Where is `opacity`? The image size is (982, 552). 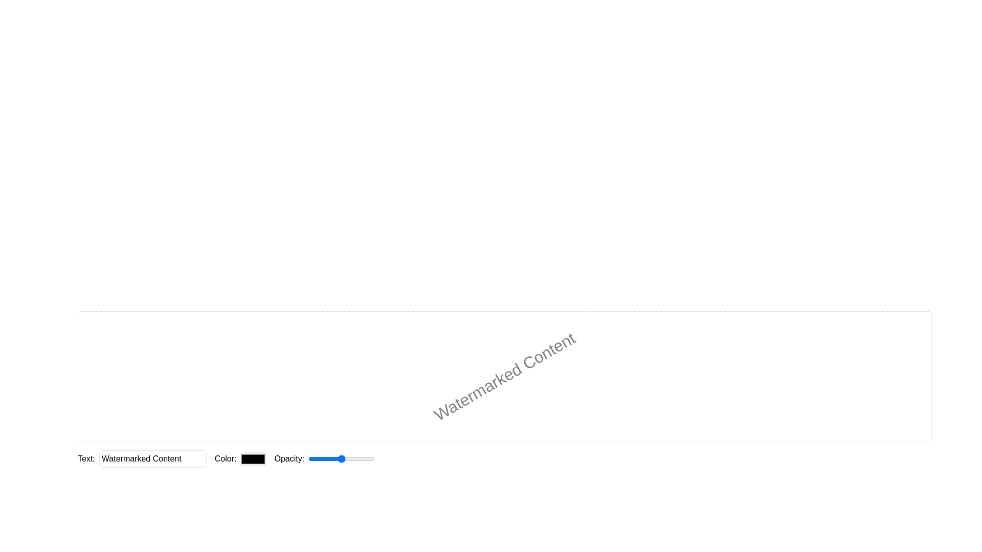 opacity is located at coordinates (326, 458).